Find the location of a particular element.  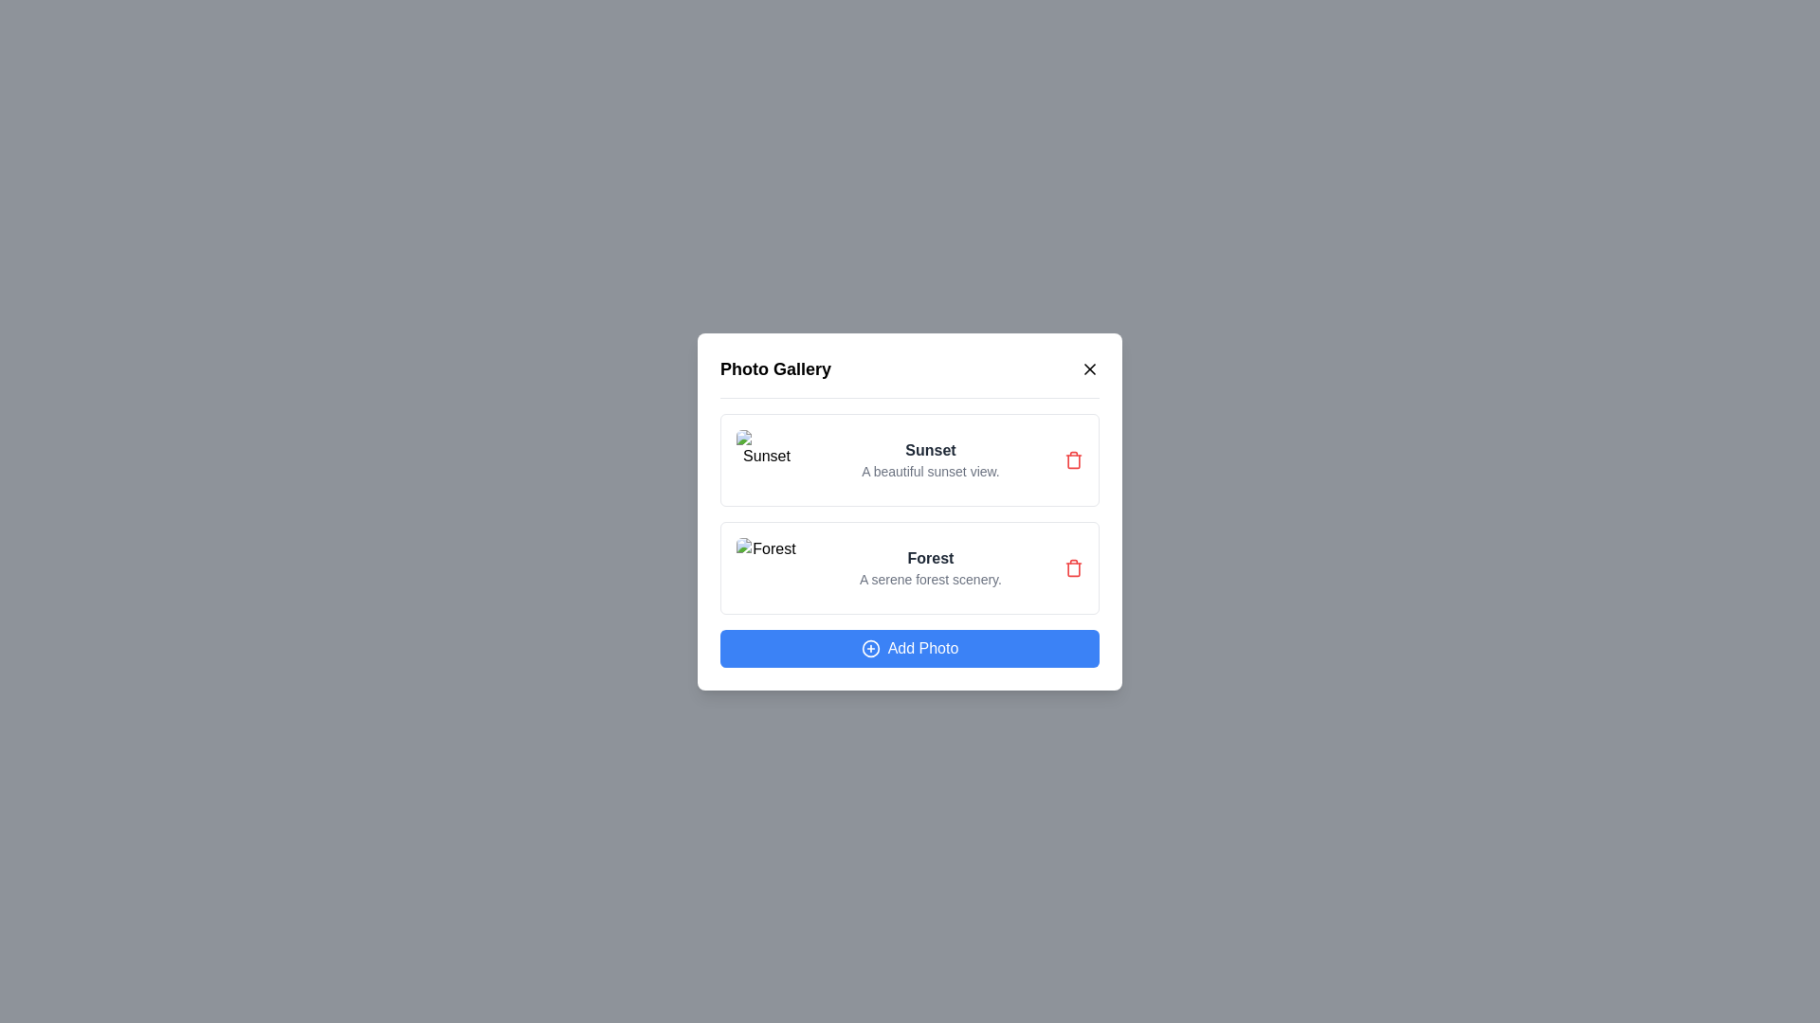

header text element that serves as the title for the photo gallery modal, positioned at the top-left corner of the modal is located at coordinates (775, 368).